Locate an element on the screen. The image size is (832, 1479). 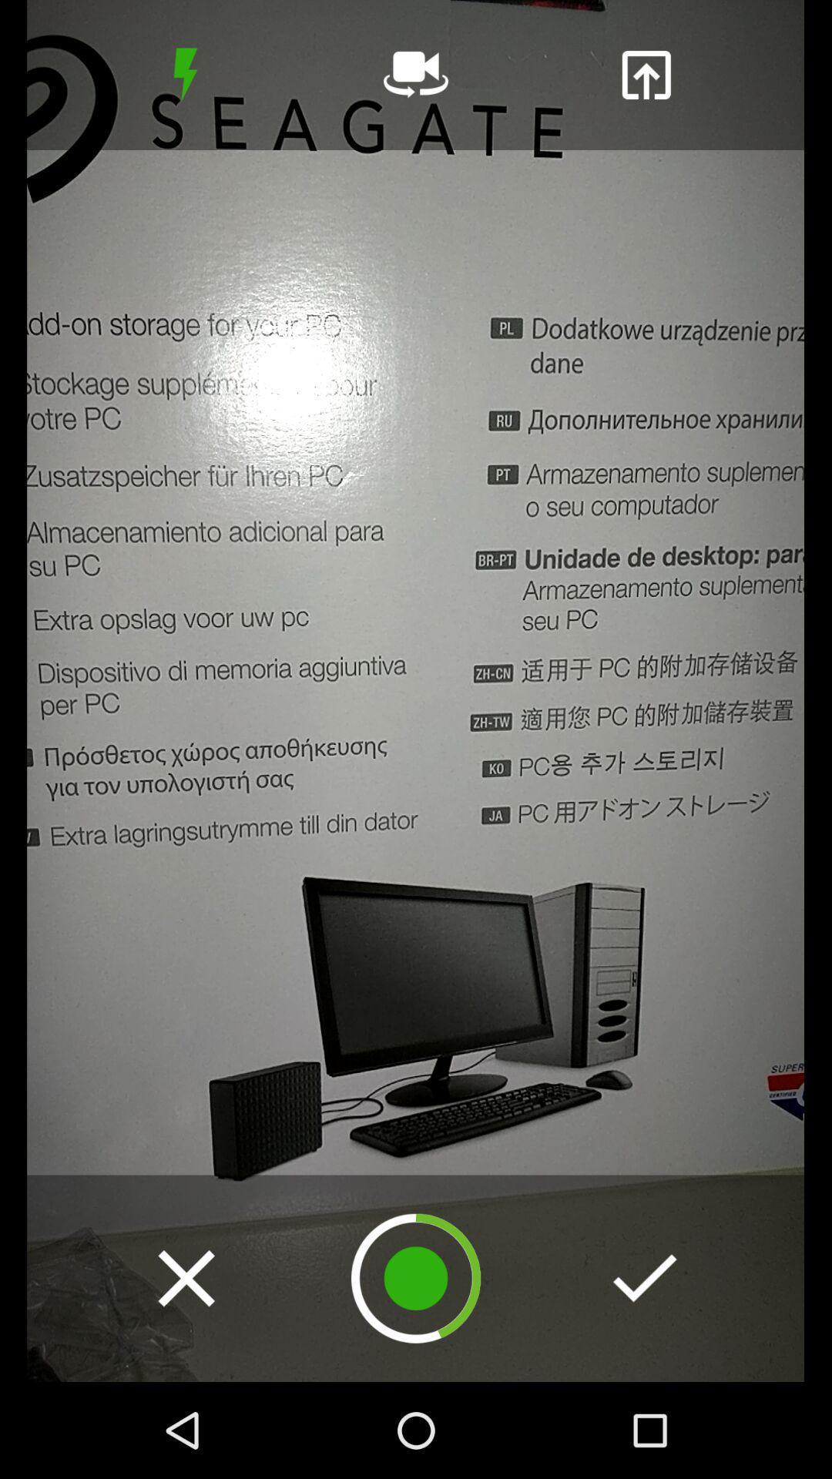
the check icon is located at coordinates (645, 1278).